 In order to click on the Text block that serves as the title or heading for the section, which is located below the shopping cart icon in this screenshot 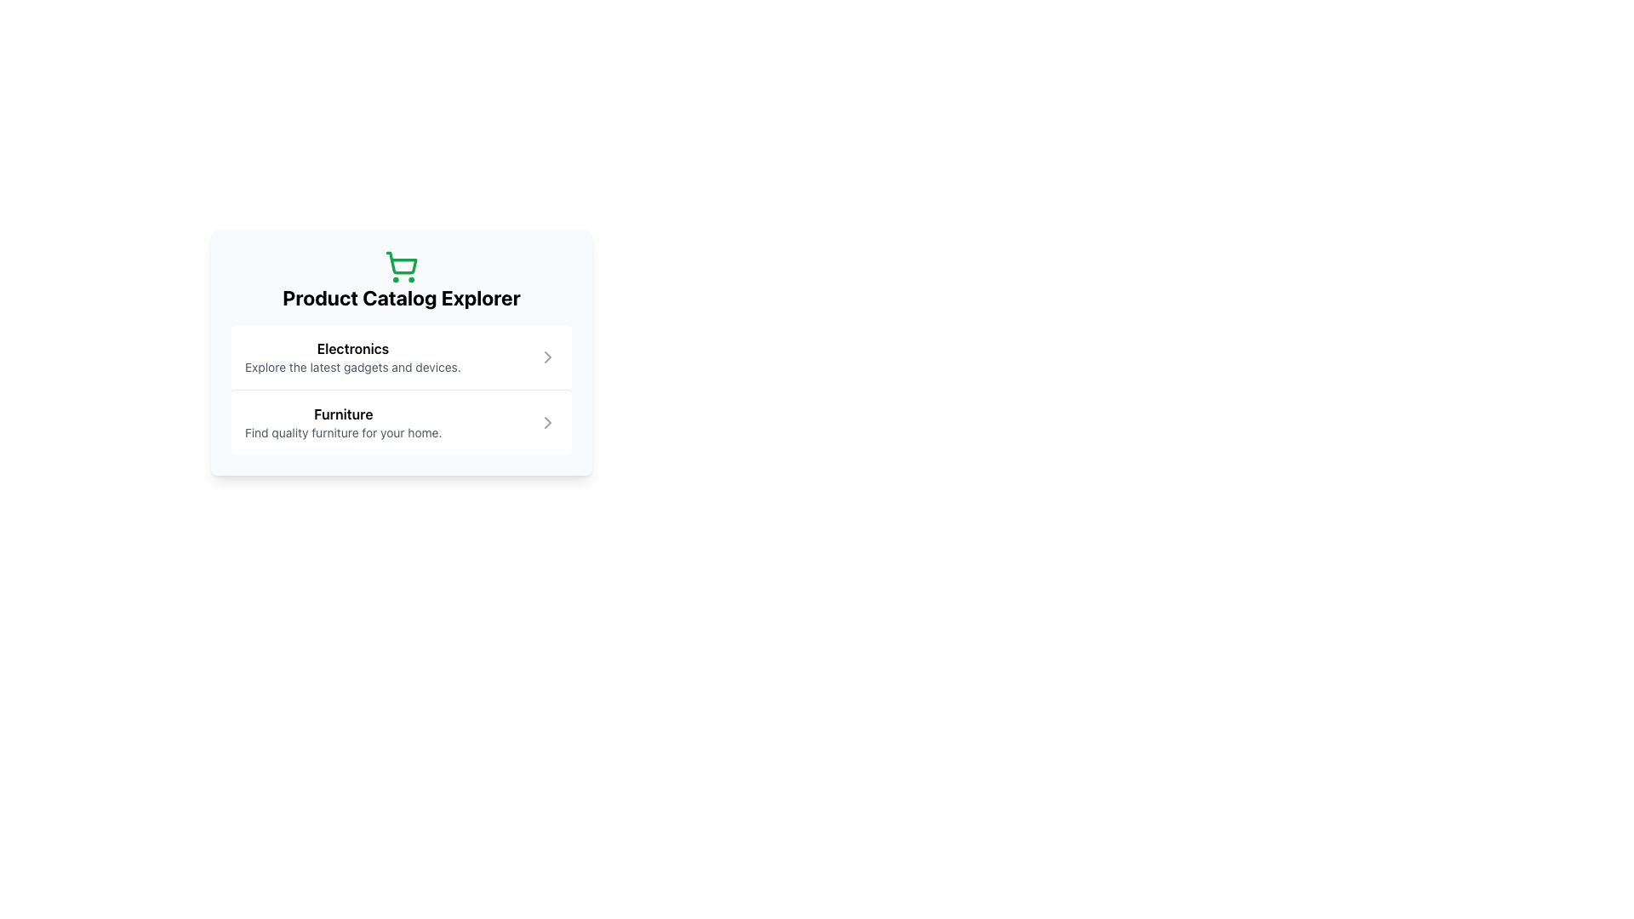, I will do `click(400, 297)`.